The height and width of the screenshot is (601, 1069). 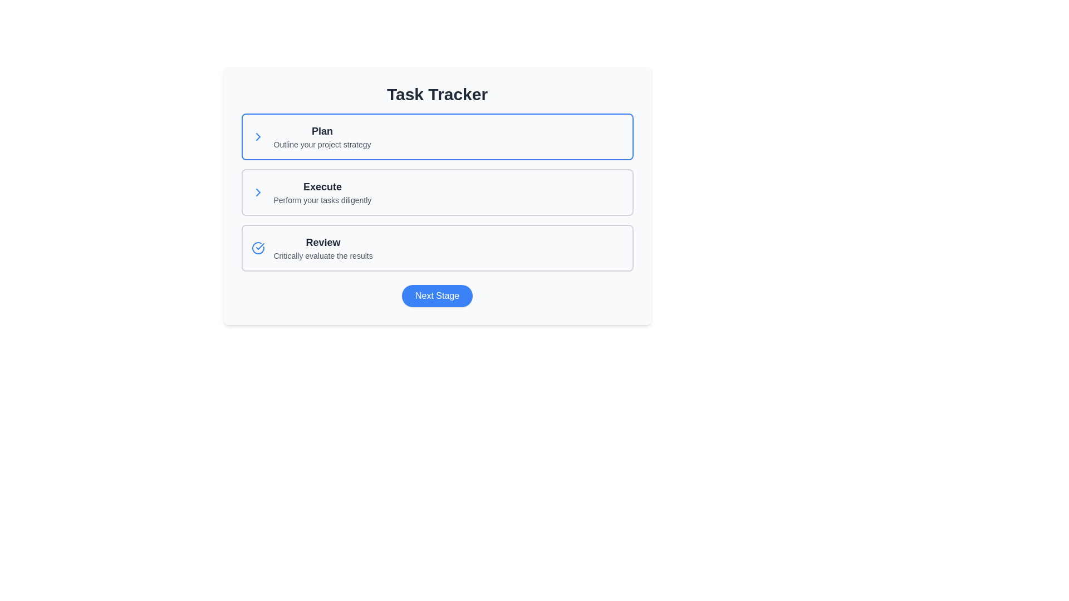 What do you see at coordinates (322, 136) in the screenshot?
I see `the textual content group titled 'Plan' with subtitle 'Outline your project strategy' located in the top card under 'Task Tracker'` at bounding box center [322, 136].